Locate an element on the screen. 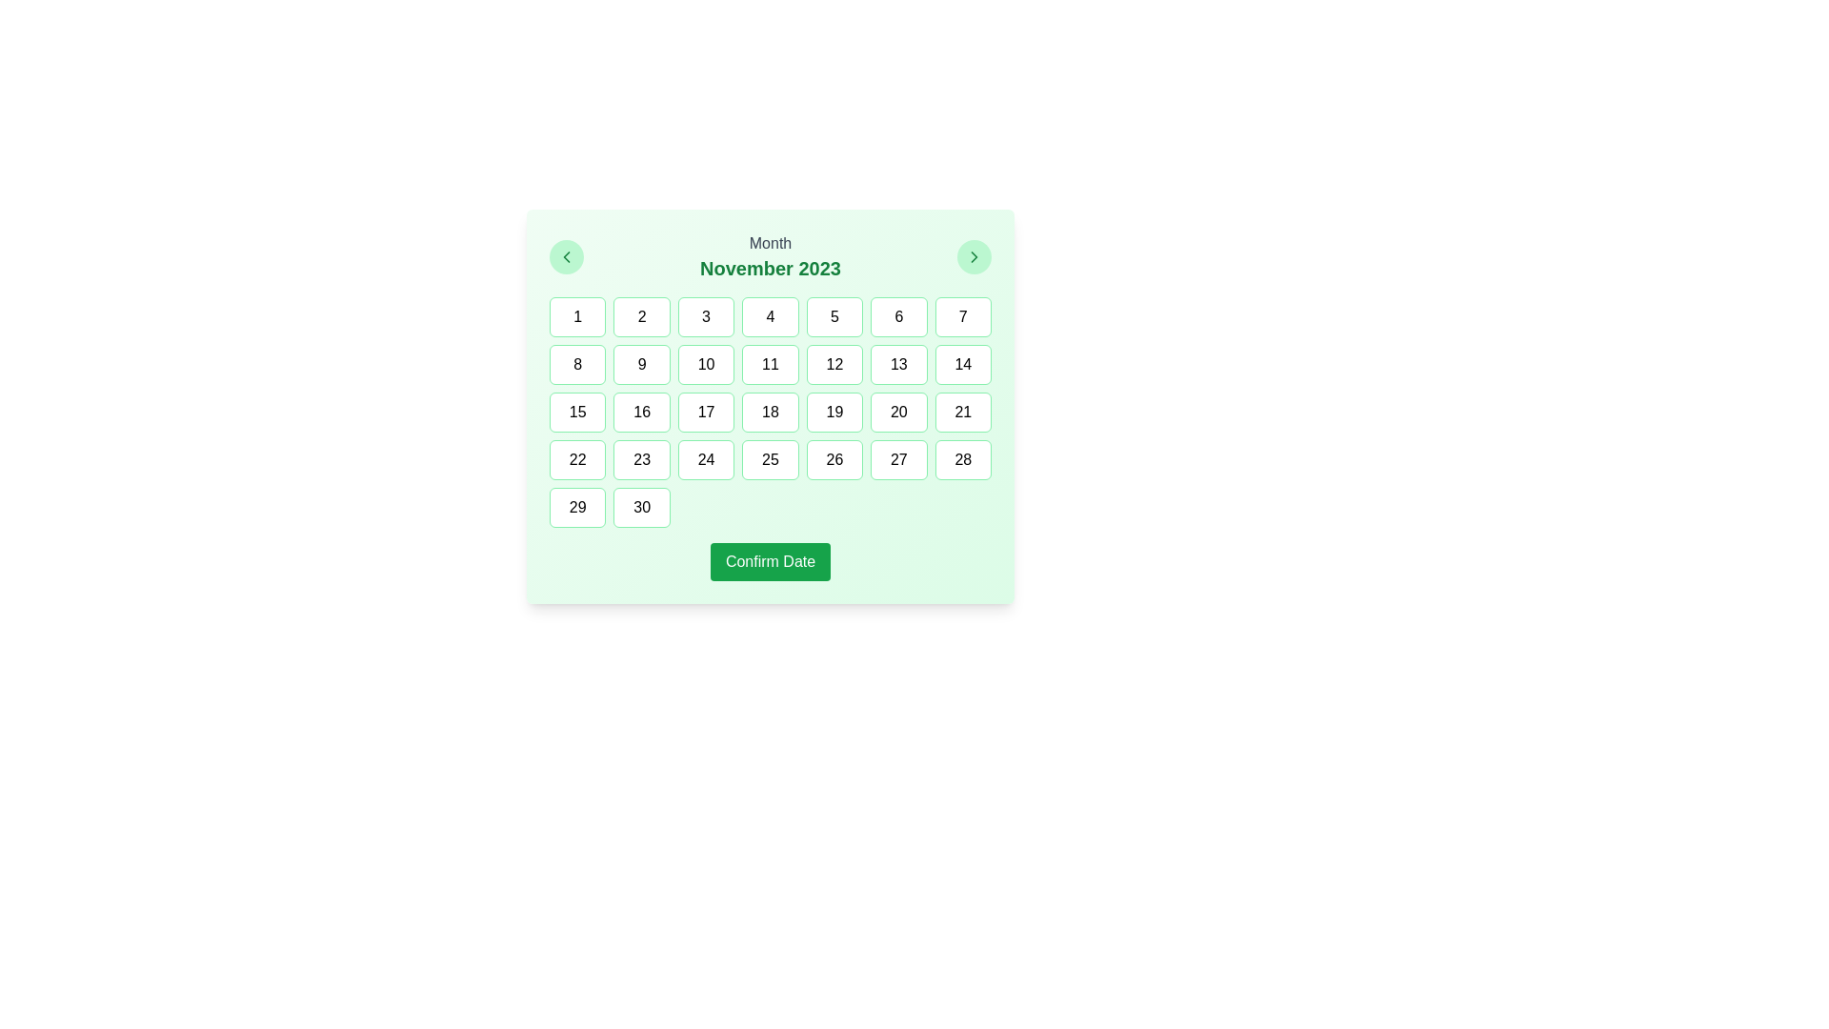 This screenshot has width=1829, height=1029. the button representing the date '6' in the calendar interface is located at coordinates (897, 315).